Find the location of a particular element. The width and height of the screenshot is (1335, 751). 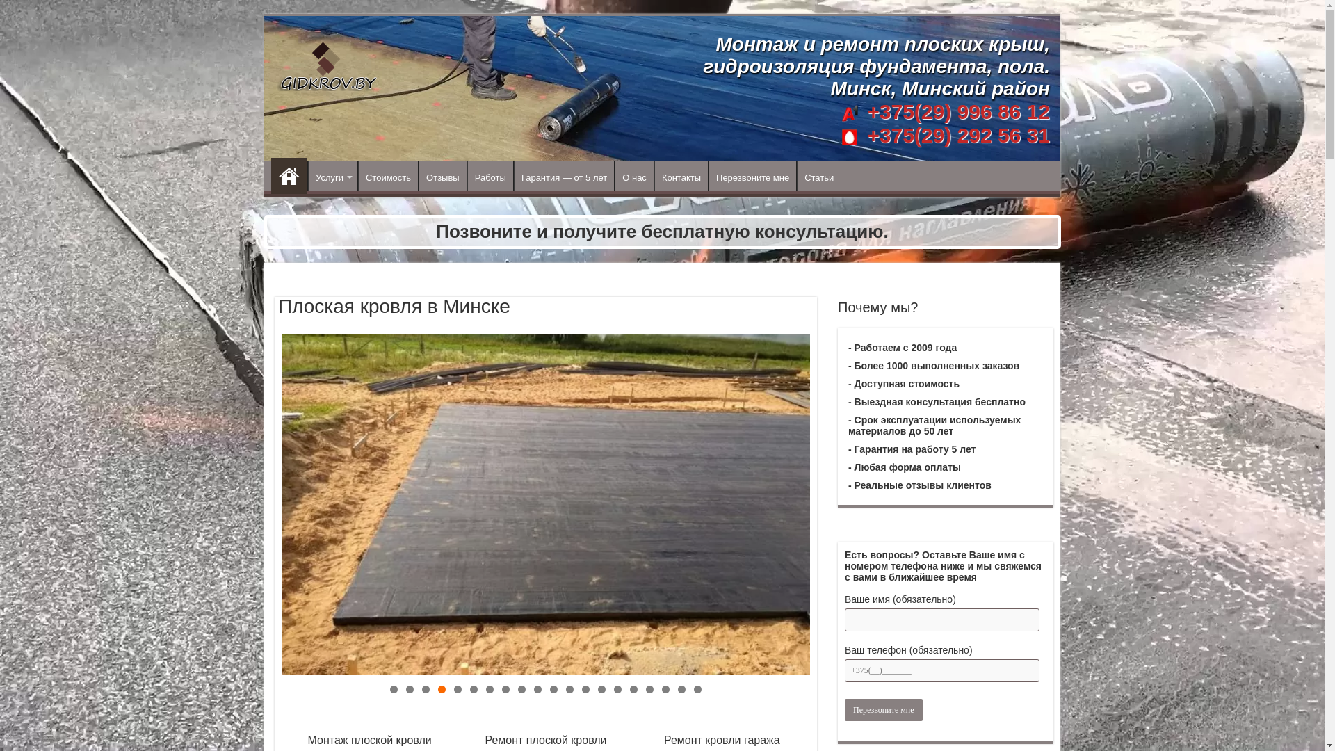

'14' is located at coordinates (601, 689).